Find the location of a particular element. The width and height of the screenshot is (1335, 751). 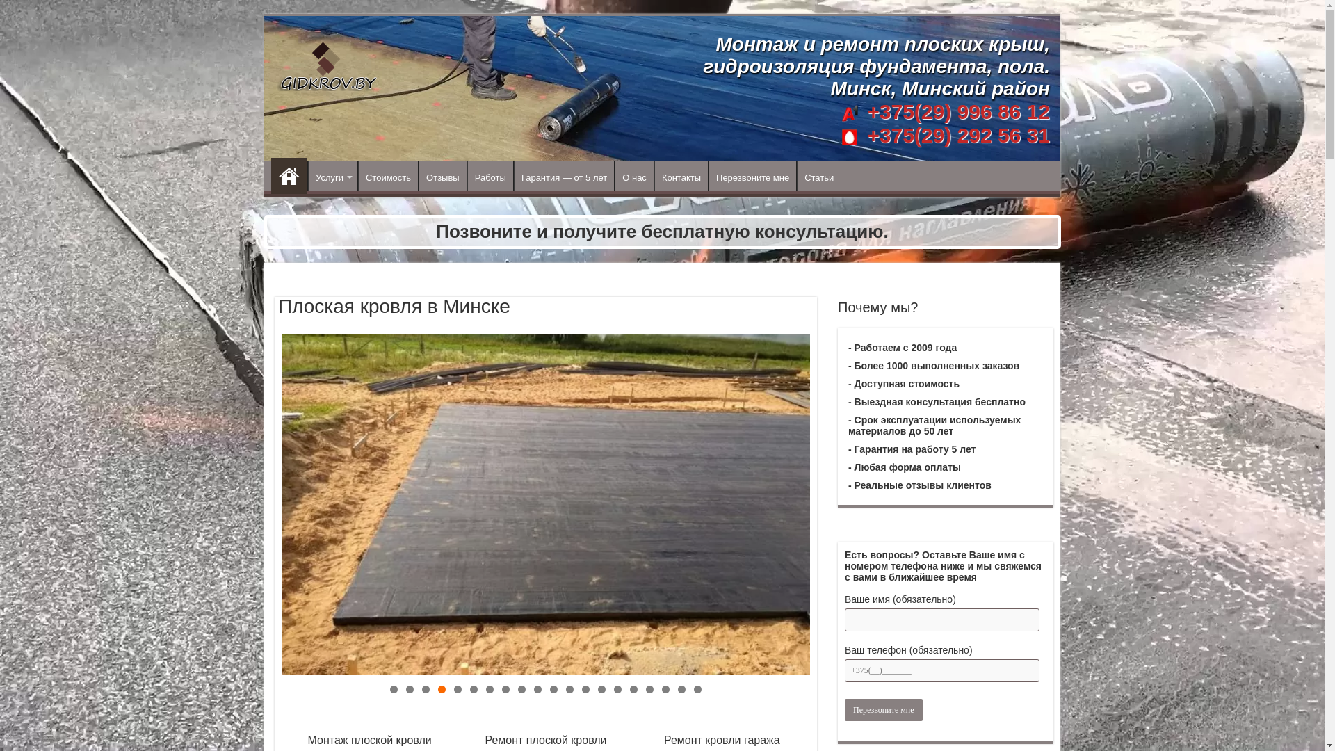

'14' is located at coordinates (601, 689).